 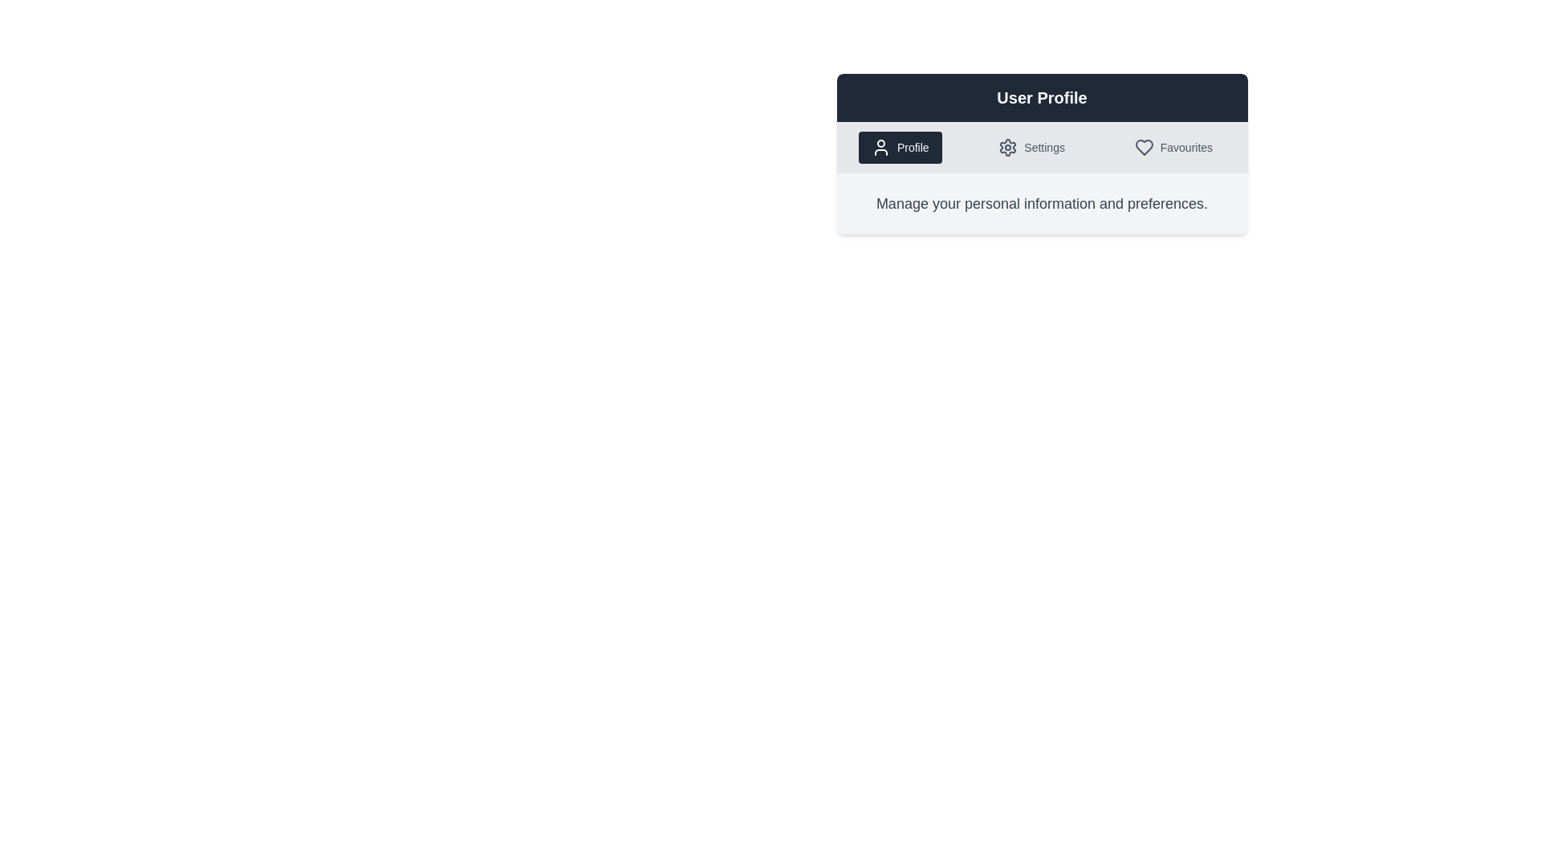 I want to click on the tab labeled Profile to highlight it, so click(x=900, y=148).